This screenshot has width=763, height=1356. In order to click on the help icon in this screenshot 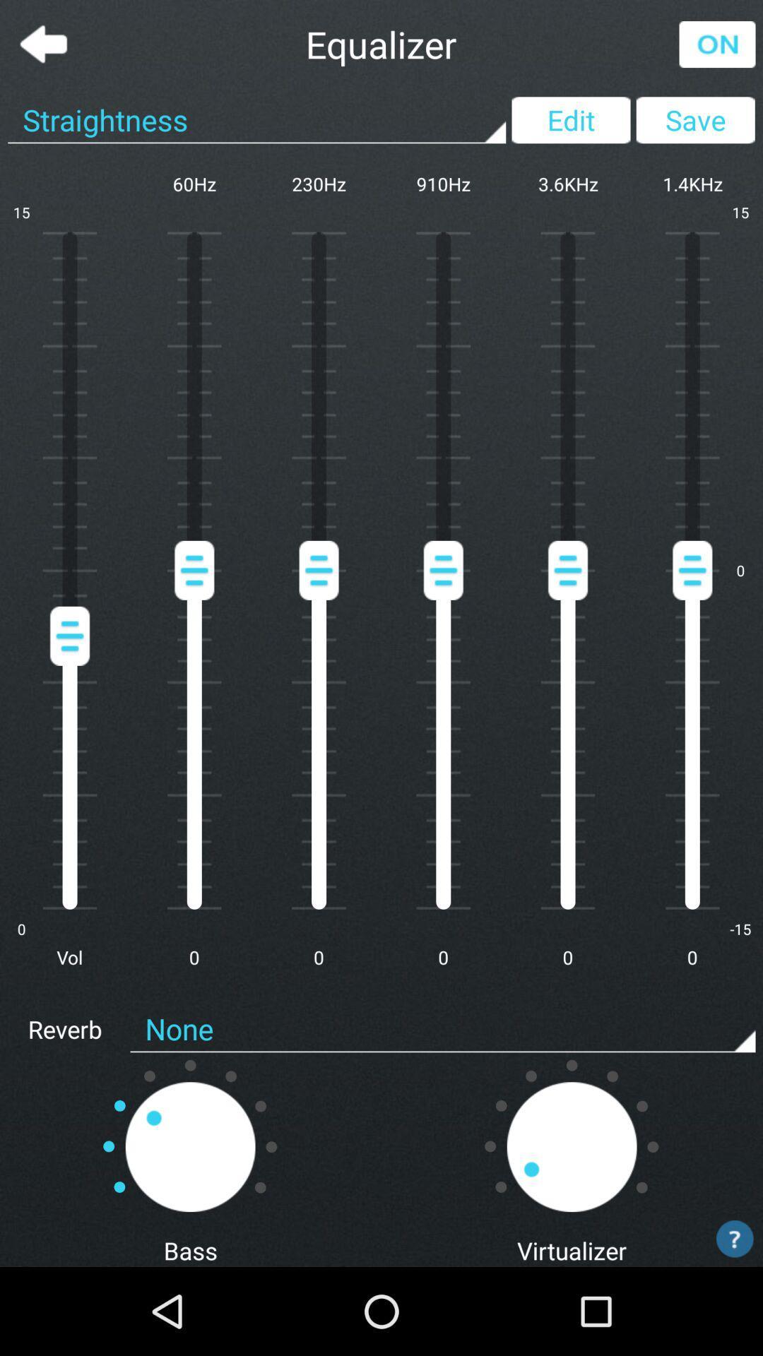, I will do `click(734, 1325)`.